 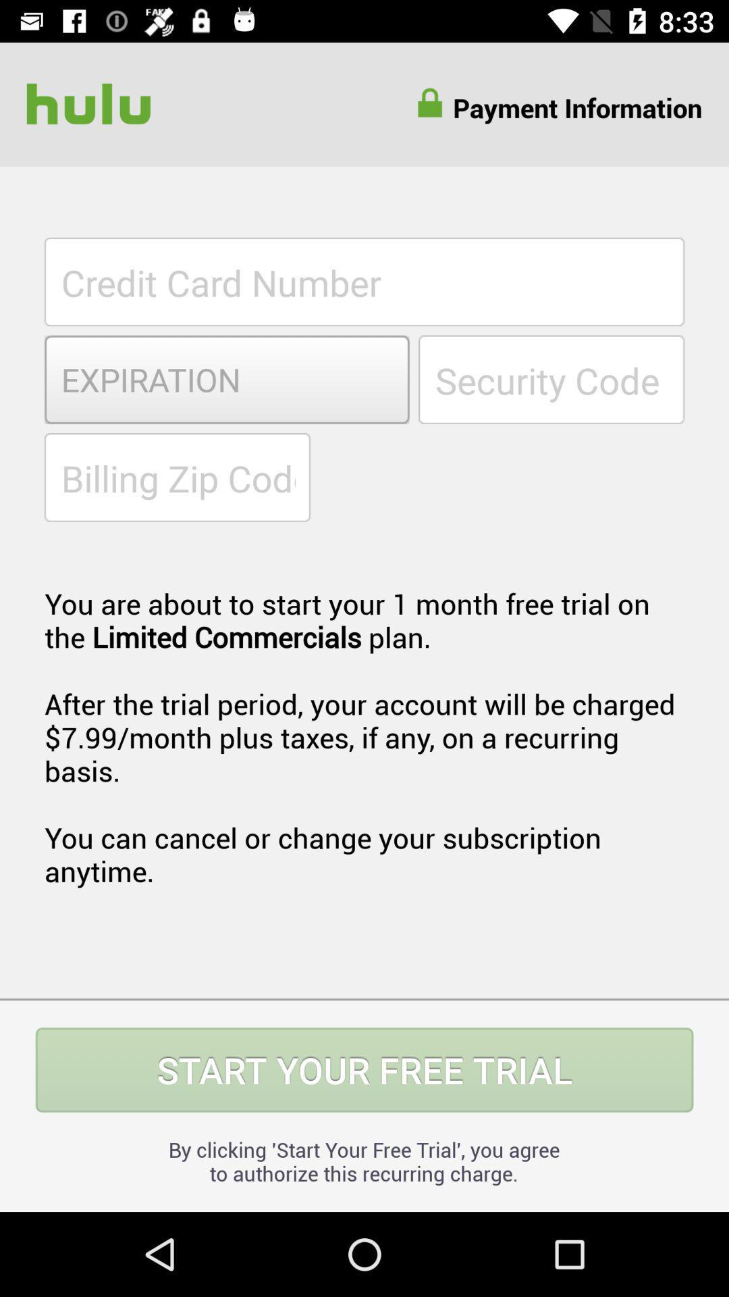 I want to click on the item above expiration item, so click(x=364, y=281).